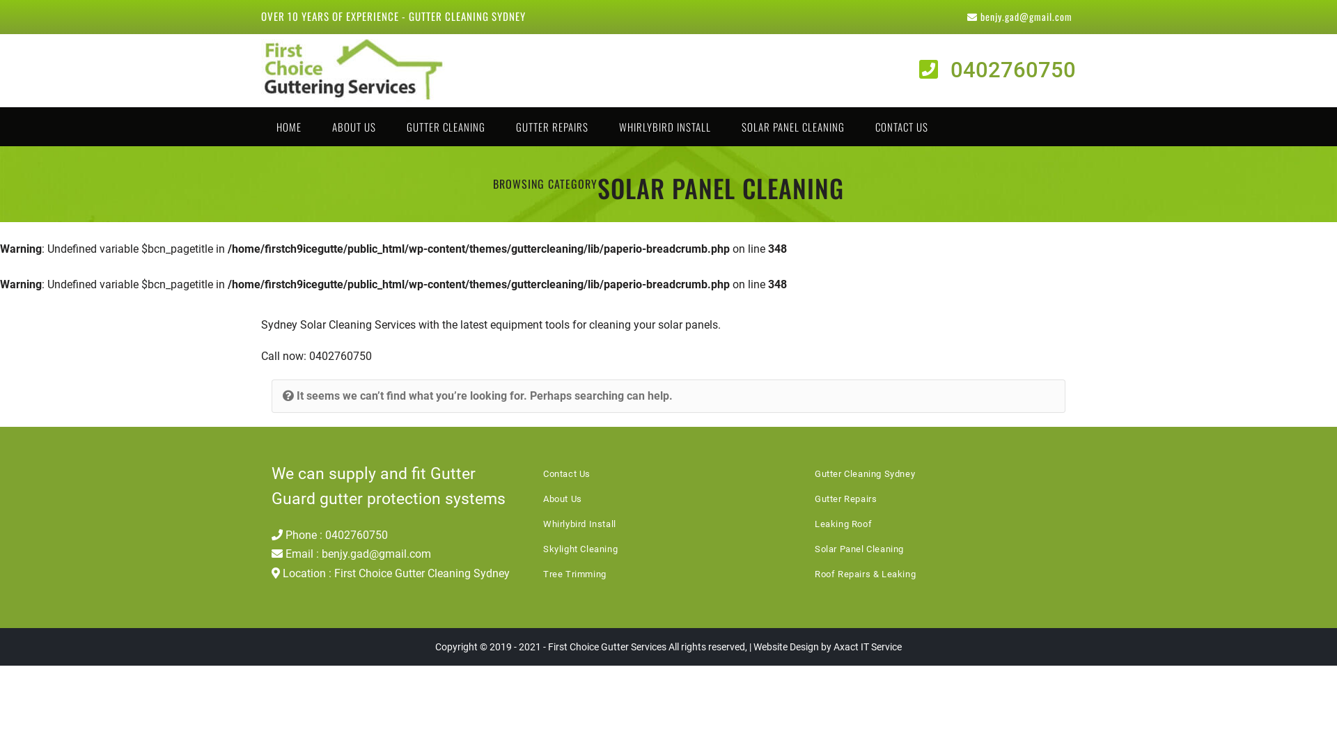 The width and height of the screenshot is (1337, 752). What do you see at coordinates (567, 473) in the screenshot?
I see `'Contact Us'` at bounding box center [567, 473].